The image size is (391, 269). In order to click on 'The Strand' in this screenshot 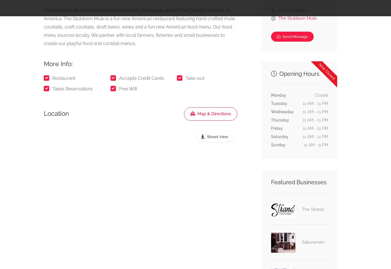, I will do `click(301, 209)`.